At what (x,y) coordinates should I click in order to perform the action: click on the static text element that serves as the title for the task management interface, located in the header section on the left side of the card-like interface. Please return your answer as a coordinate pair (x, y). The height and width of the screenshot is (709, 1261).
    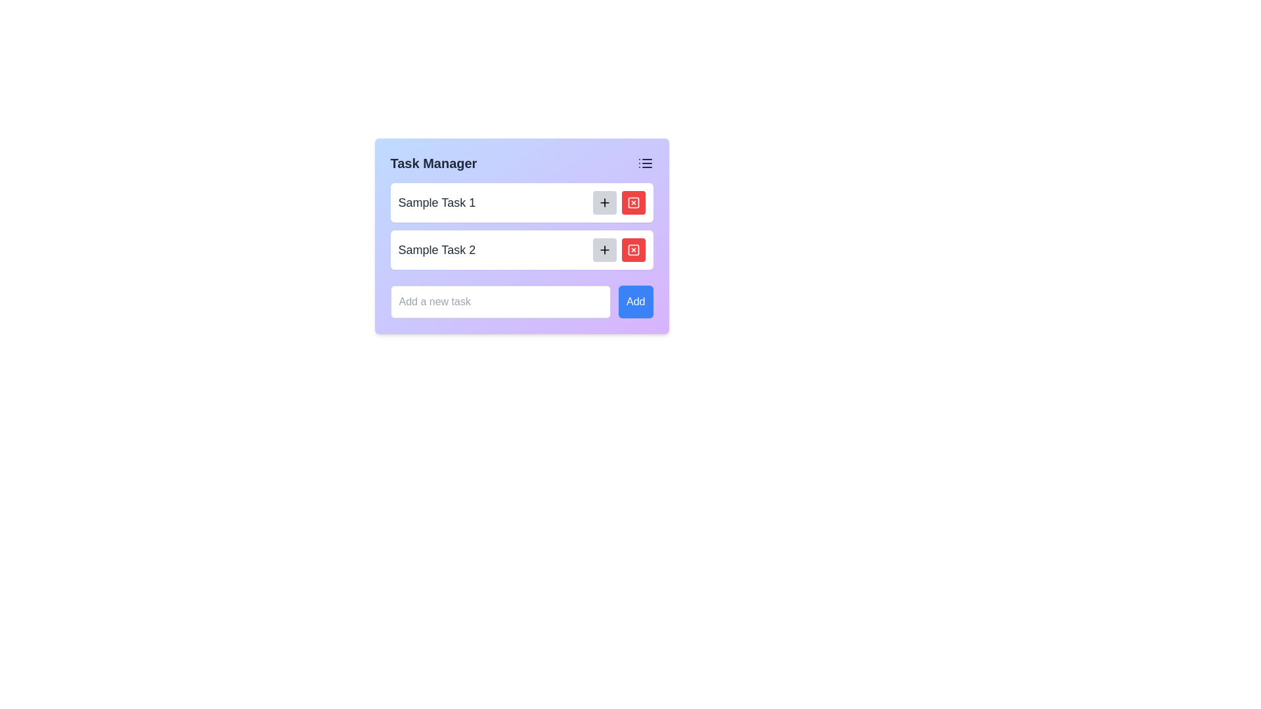
    Looking at the image, I should click on (433, 163).